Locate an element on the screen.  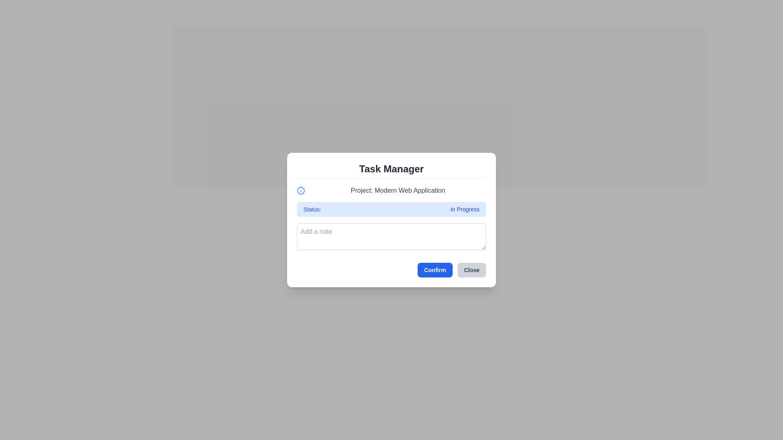
the static text label indicating the current status of the task, which is located to the right of the label 'Status:' in a blue-highlighted status box is located at coordinates (465, 209).